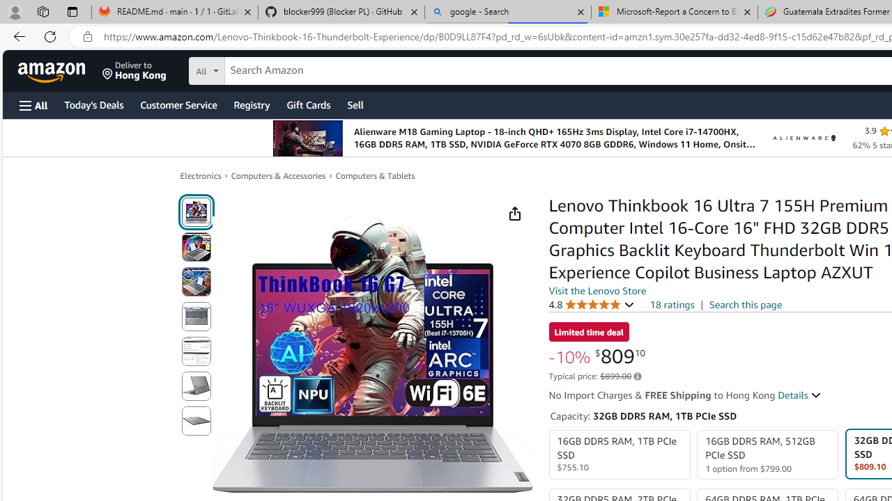 The image size is (892, 501). Describe the element at coordinates (33, 104) in the screenshot. I see `'Open Menu'` at that location.